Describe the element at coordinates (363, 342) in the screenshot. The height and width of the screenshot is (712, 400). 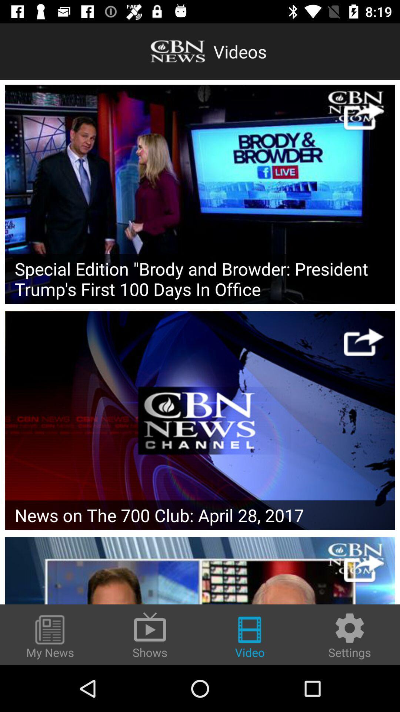
I see `share the video` at that location.